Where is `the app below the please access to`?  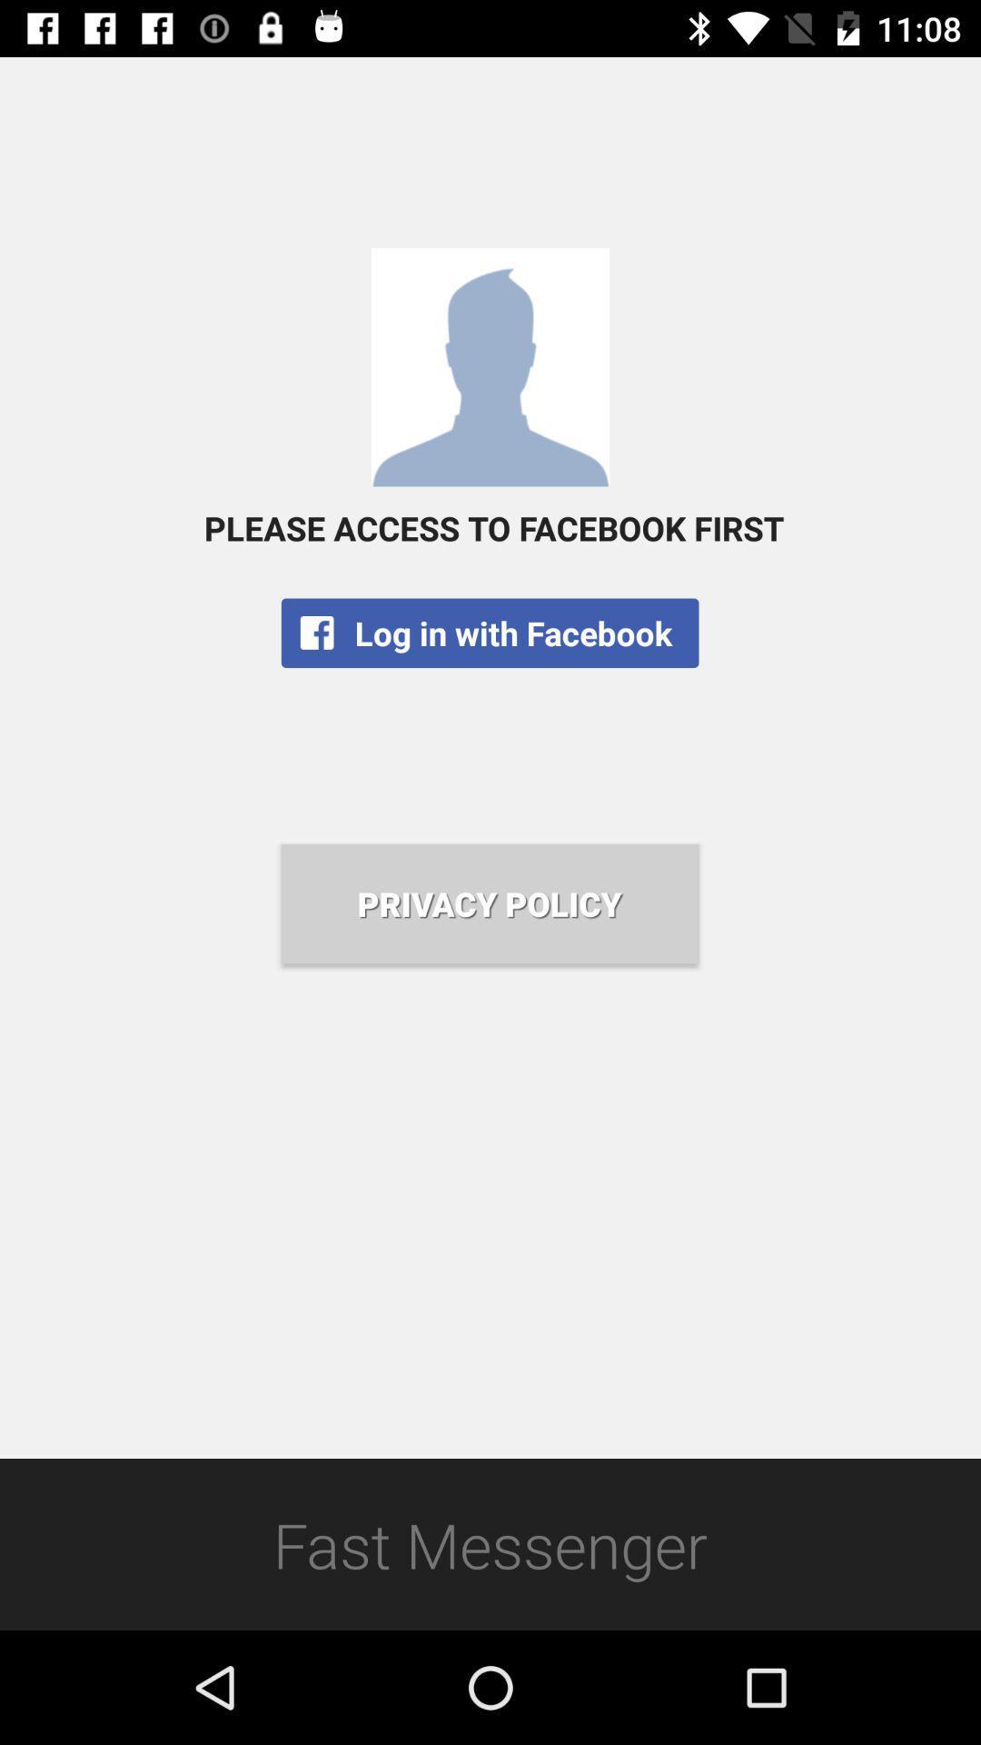 the app below the please access to is located at coordinates (489, 633).